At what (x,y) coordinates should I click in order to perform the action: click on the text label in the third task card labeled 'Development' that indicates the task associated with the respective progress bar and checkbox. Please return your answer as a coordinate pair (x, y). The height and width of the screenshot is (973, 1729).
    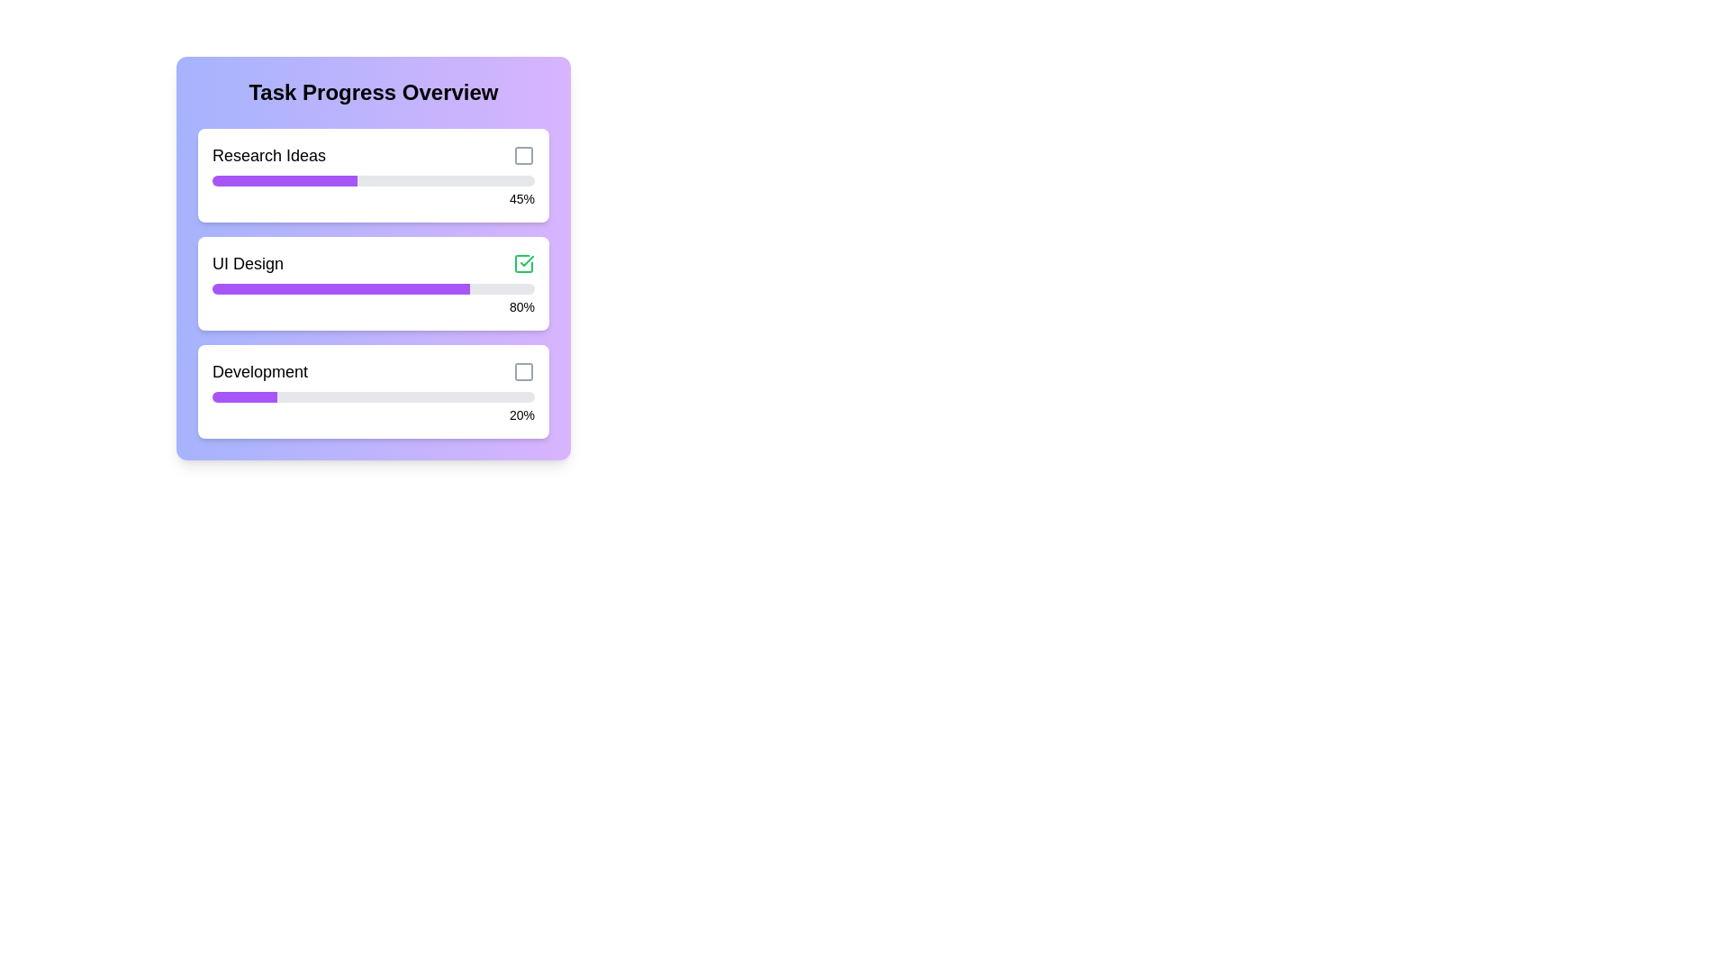
    Looking at the image, I should click on (258, 370).